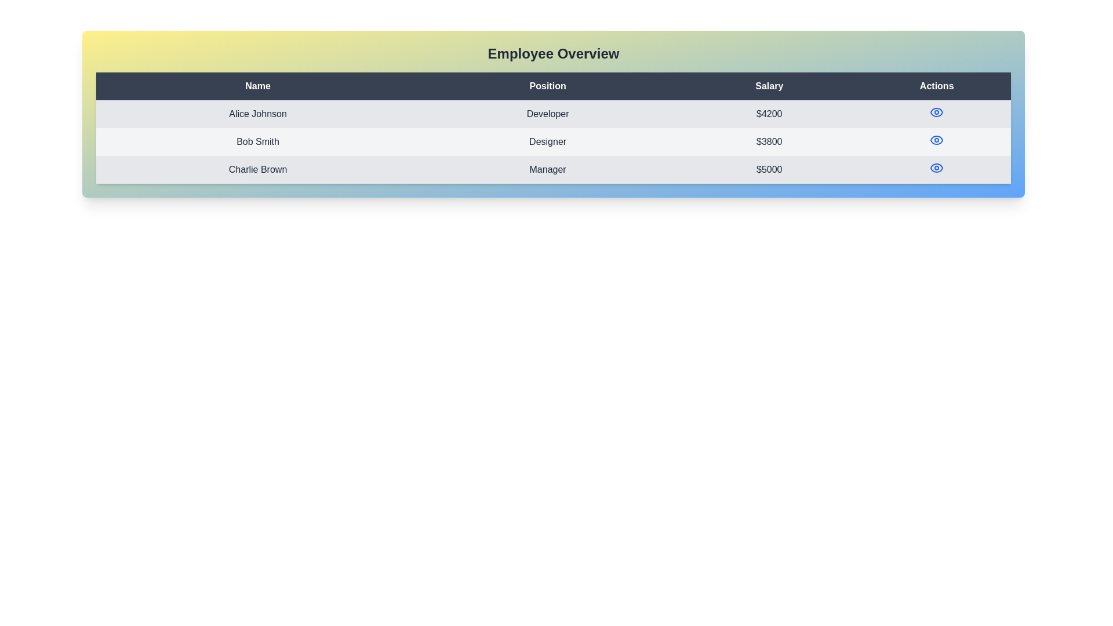  I want to click on text of the element labeled 'Manager' located in the second cell of the row corresponding to 'Charlie Brown' in the 'Position' column of the table, so click(547, 170).